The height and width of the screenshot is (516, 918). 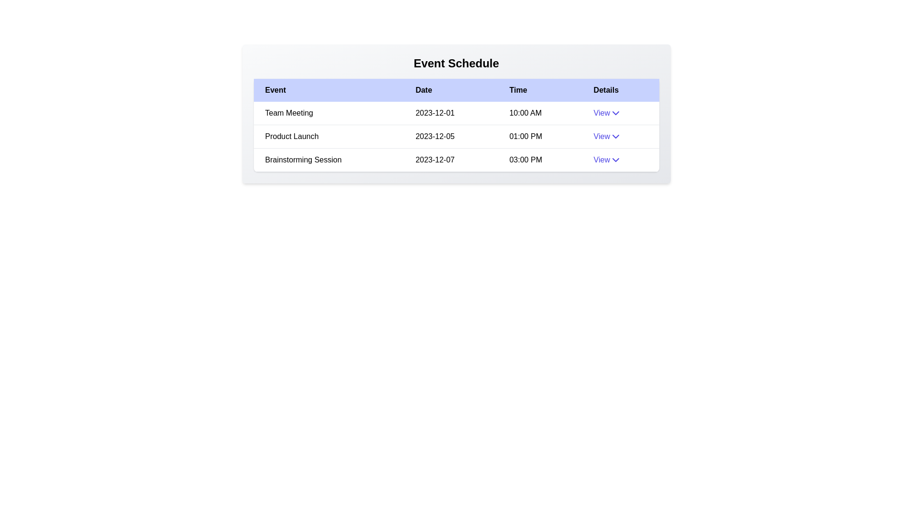 I want to click on the 'View' button for the event with name Team Meeting, so click(x=607, y=112).